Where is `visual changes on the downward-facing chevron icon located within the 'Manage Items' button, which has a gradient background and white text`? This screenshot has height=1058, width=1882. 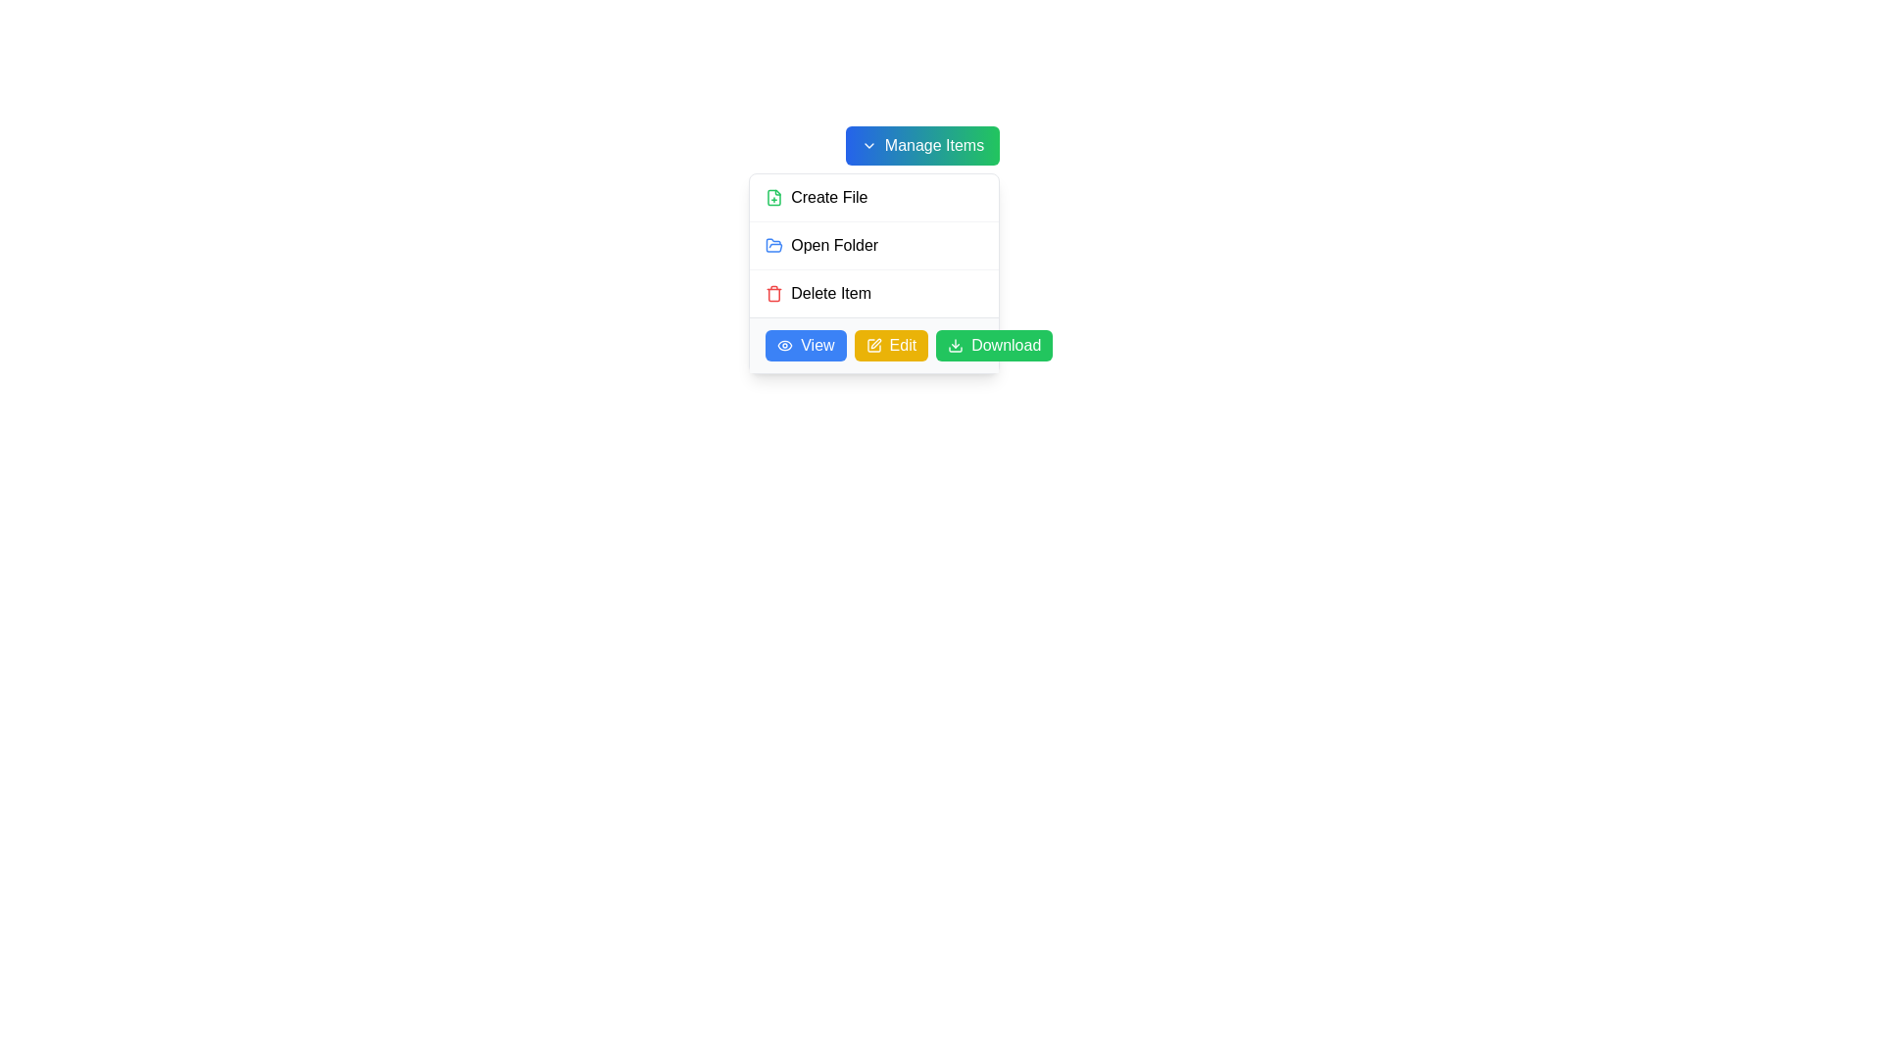
visual changes on the downward-facing chevron icon located within the 'Manage Items' button, which has a gradient background and white text is located at coordinates (867, 145).